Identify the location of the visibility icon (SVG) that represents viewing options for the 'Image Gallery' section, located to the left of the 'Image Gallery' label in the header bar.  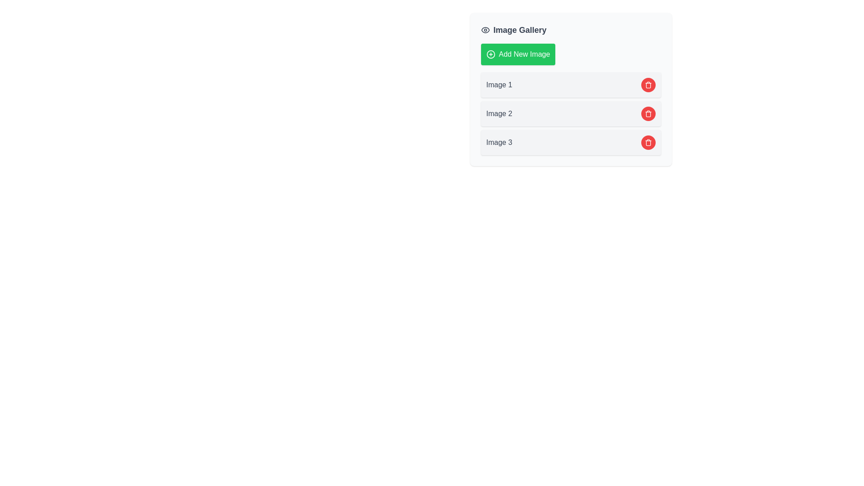
(485, 29).